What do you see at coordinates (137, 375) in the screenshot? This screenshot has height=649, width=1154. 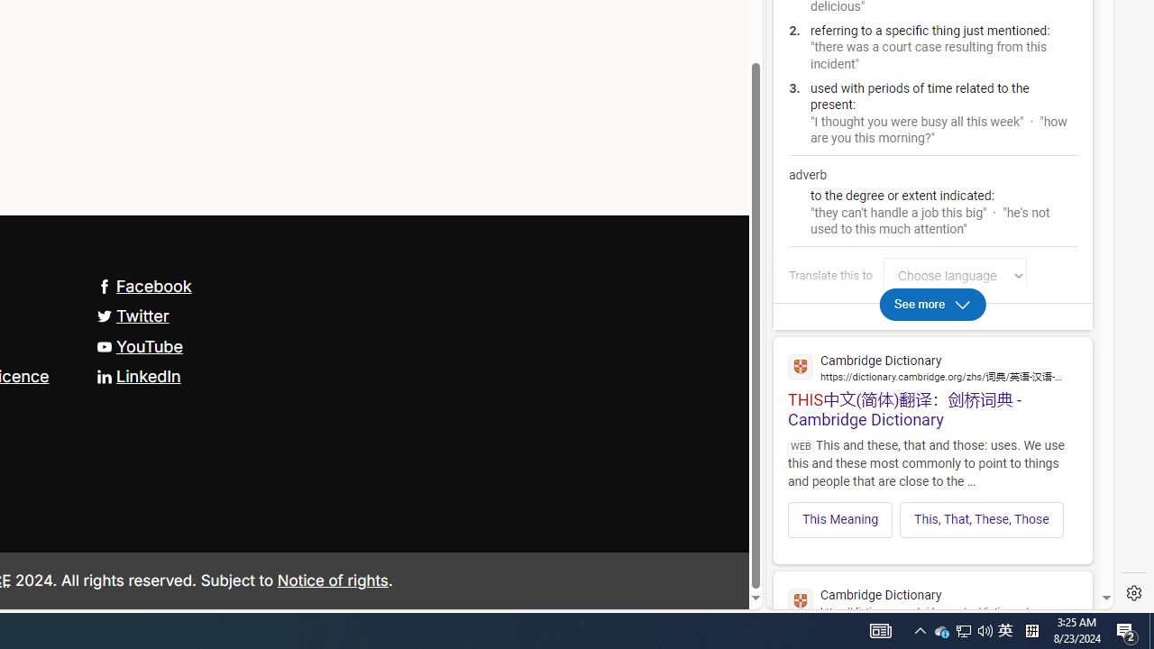 I see `'LinkedIn'` at bounding box center [137, 375].